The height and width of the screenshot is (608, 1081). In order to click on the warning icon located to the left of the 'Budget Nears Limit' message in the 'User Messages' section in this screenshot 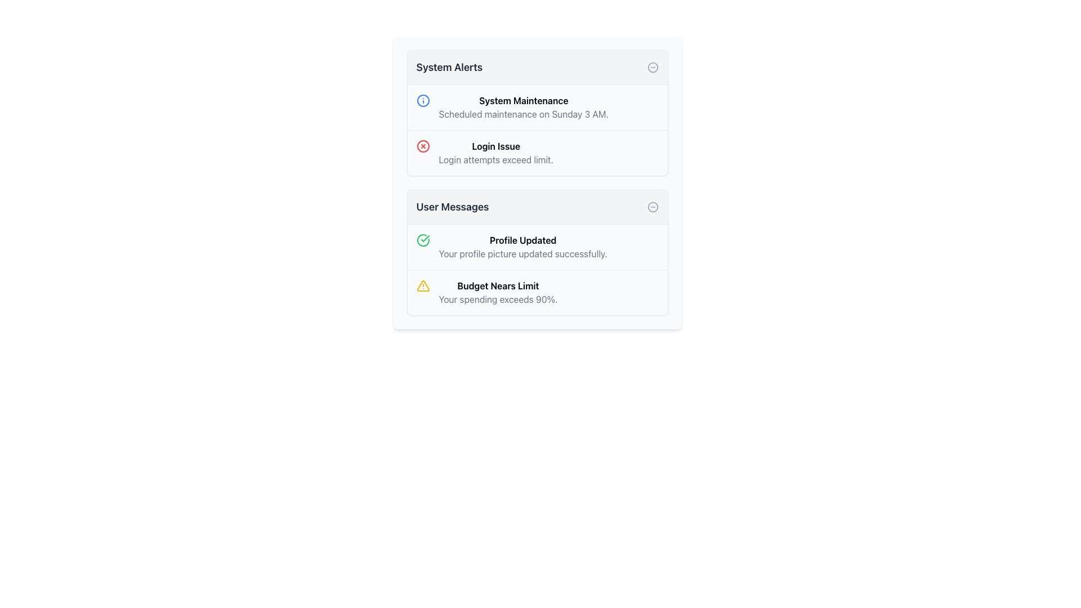, I will do `click(422, 285)`.